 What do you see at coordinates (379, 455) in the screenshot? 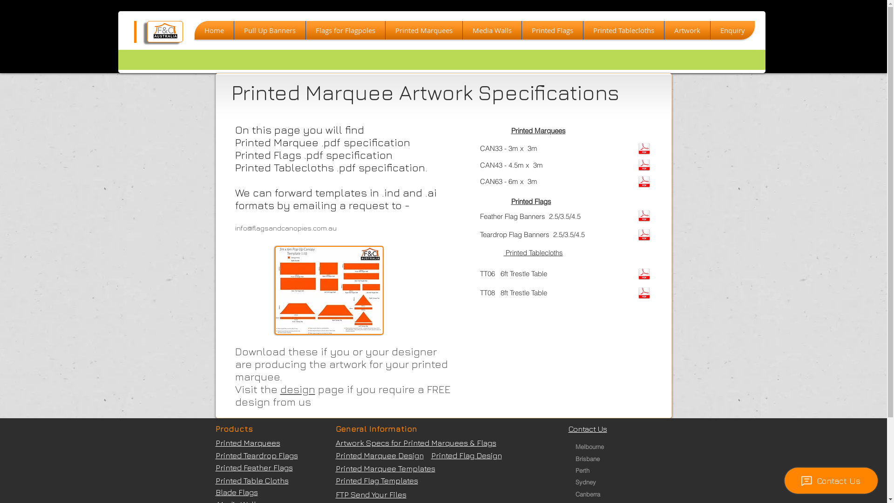
I see `'Printed Marquee Design'` at bounding box center [379, 455].